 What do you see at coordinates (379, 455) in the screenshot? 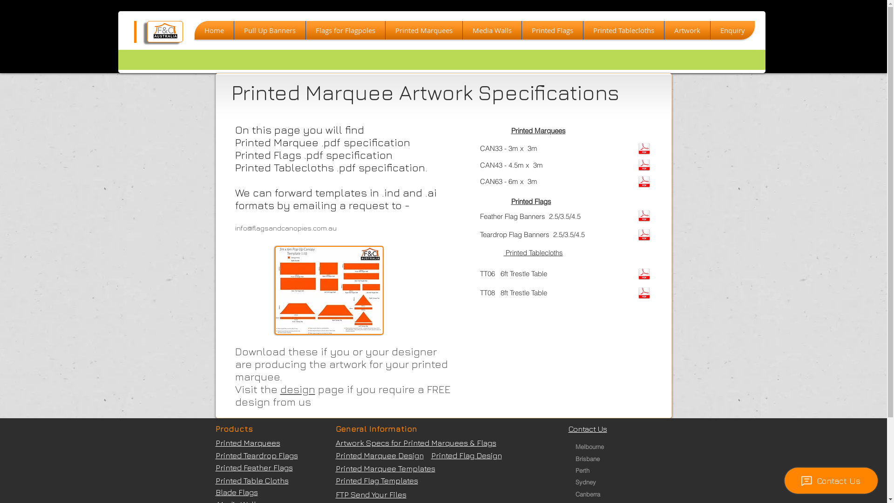
I see `'Printed Marquee Design'` at bounding box center [379, 455].